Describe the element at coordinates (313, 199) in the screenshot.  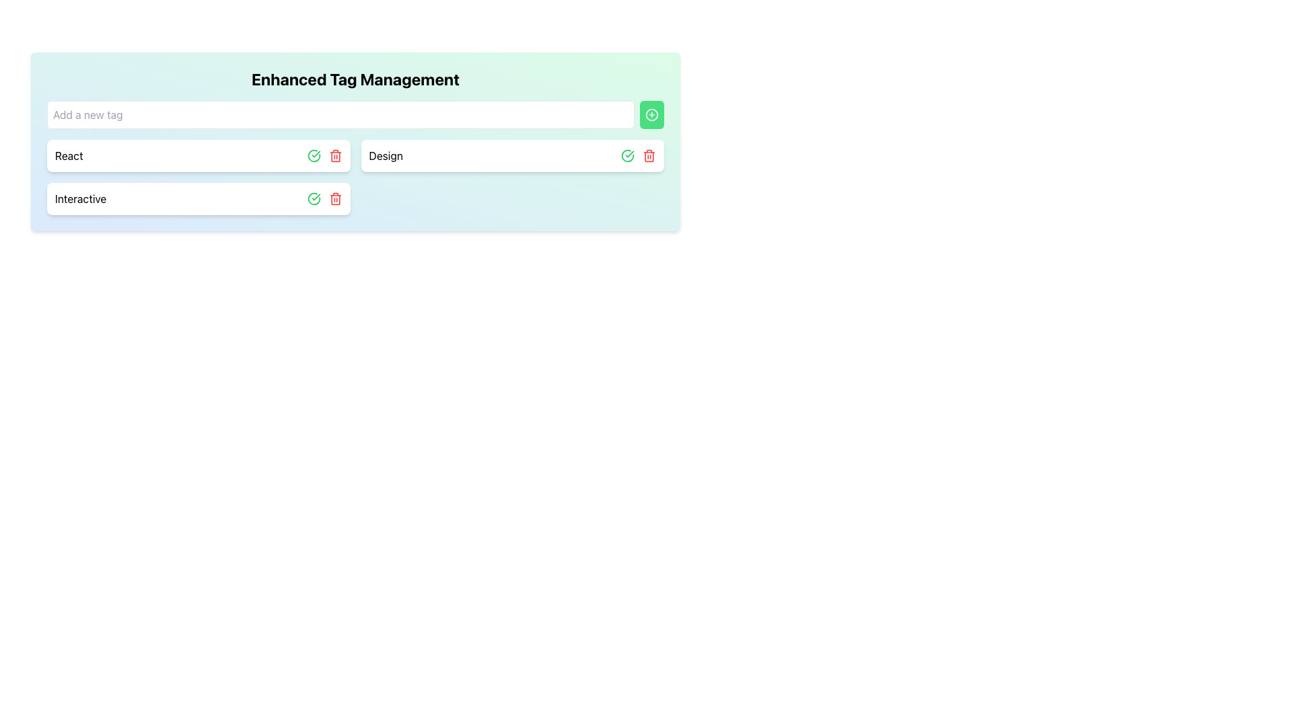
I see `the circular green outlined icon with a checkmark inside it to confirm the action associated with the tag` at that location.